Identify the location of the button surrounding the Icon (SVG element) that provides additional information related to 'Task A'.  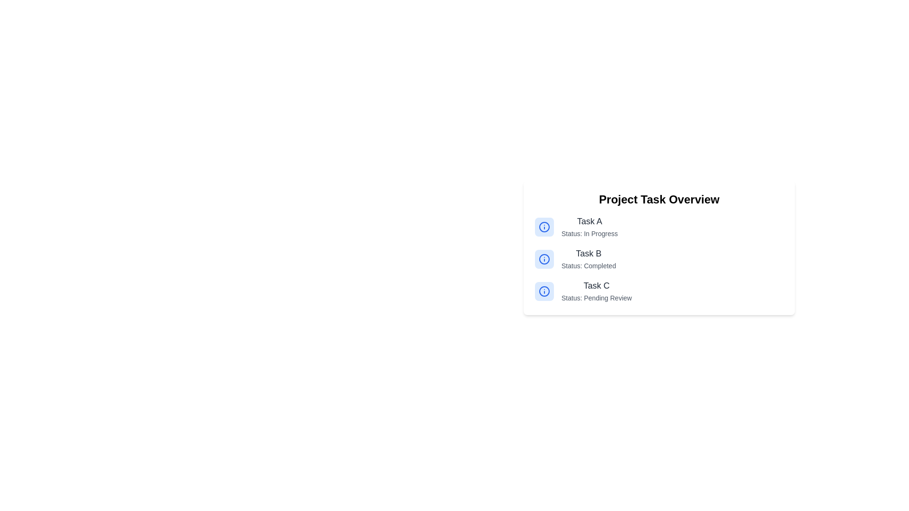
(544, 227).